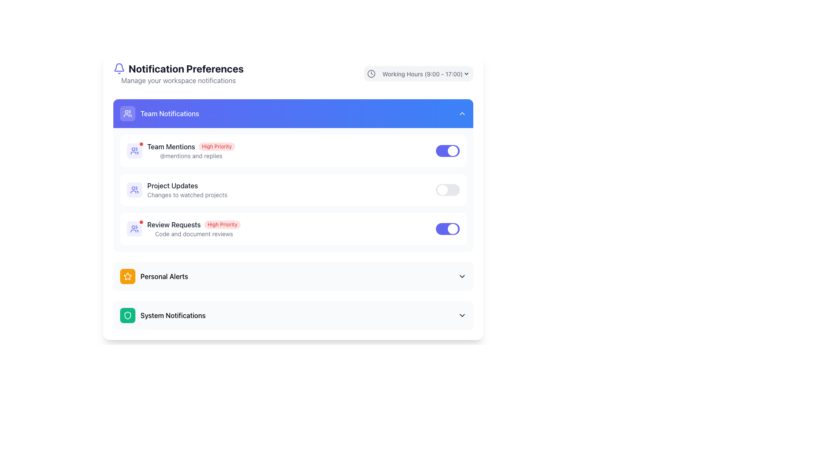 The width and height of the screenshot is (815, 458). What do you see at coordinates (425, 73) in the screenshot?
I see `the dropdown menu for selecting working hours, located near the top-right corner of the interface, above the main content section` at bounding box center [425, 73].